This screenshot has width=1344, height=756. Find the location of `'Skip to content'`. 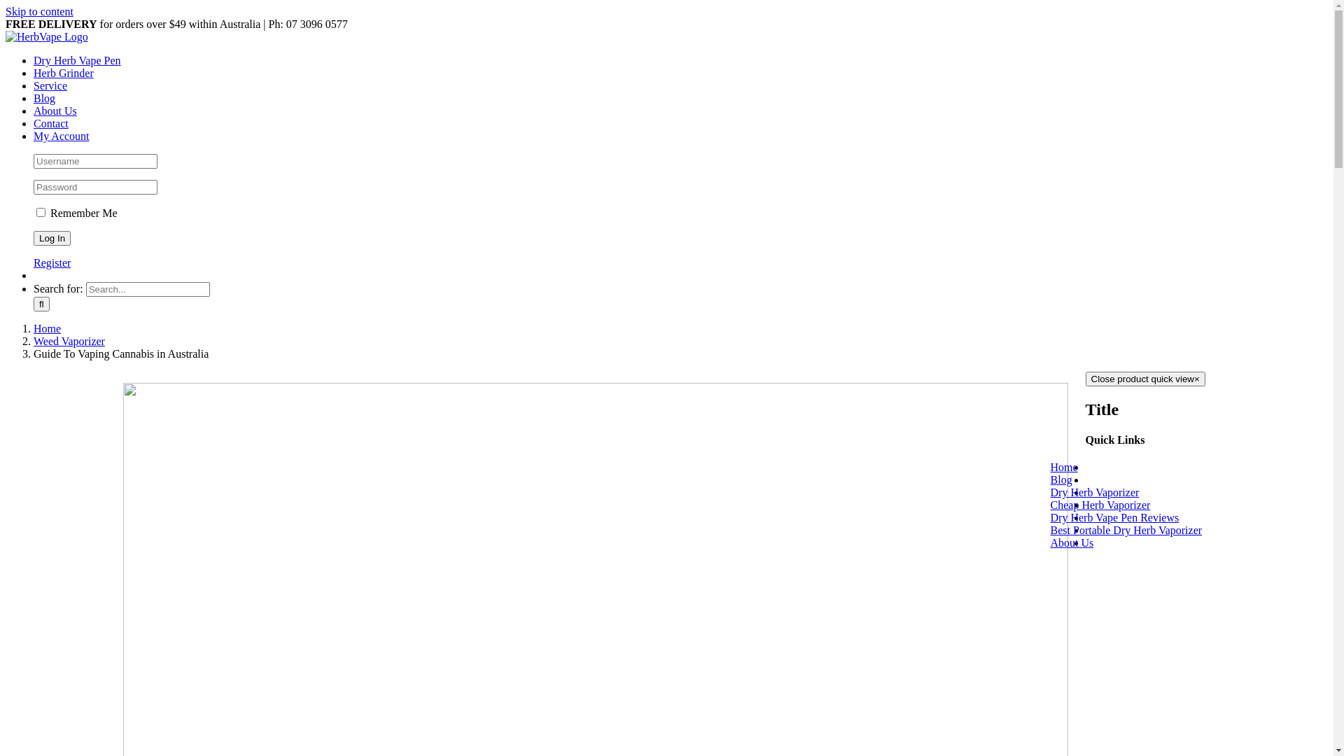

'Skip to content' is located at coordinates (39, 11).